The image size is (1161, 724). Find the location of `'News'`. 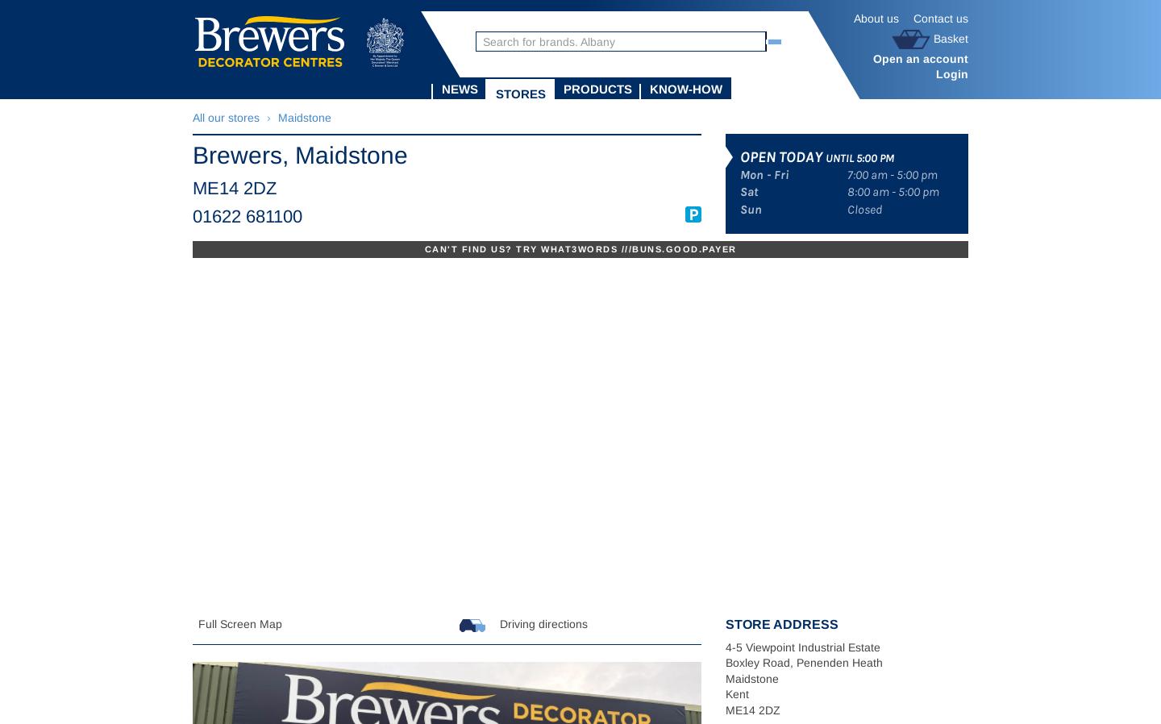

'News' is located at coordinates (460, 88).